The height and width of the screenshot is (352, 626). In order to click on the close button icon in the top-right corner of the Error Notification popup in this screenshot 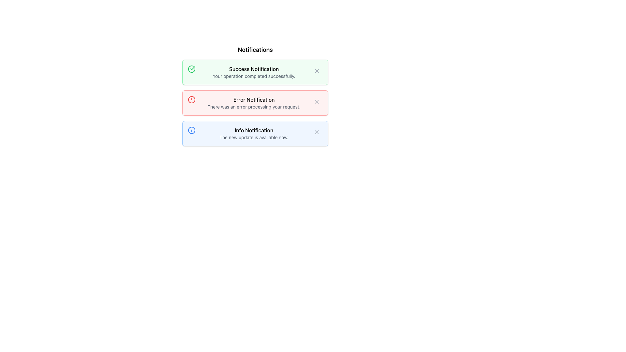, I will do `click(317, 102)`.